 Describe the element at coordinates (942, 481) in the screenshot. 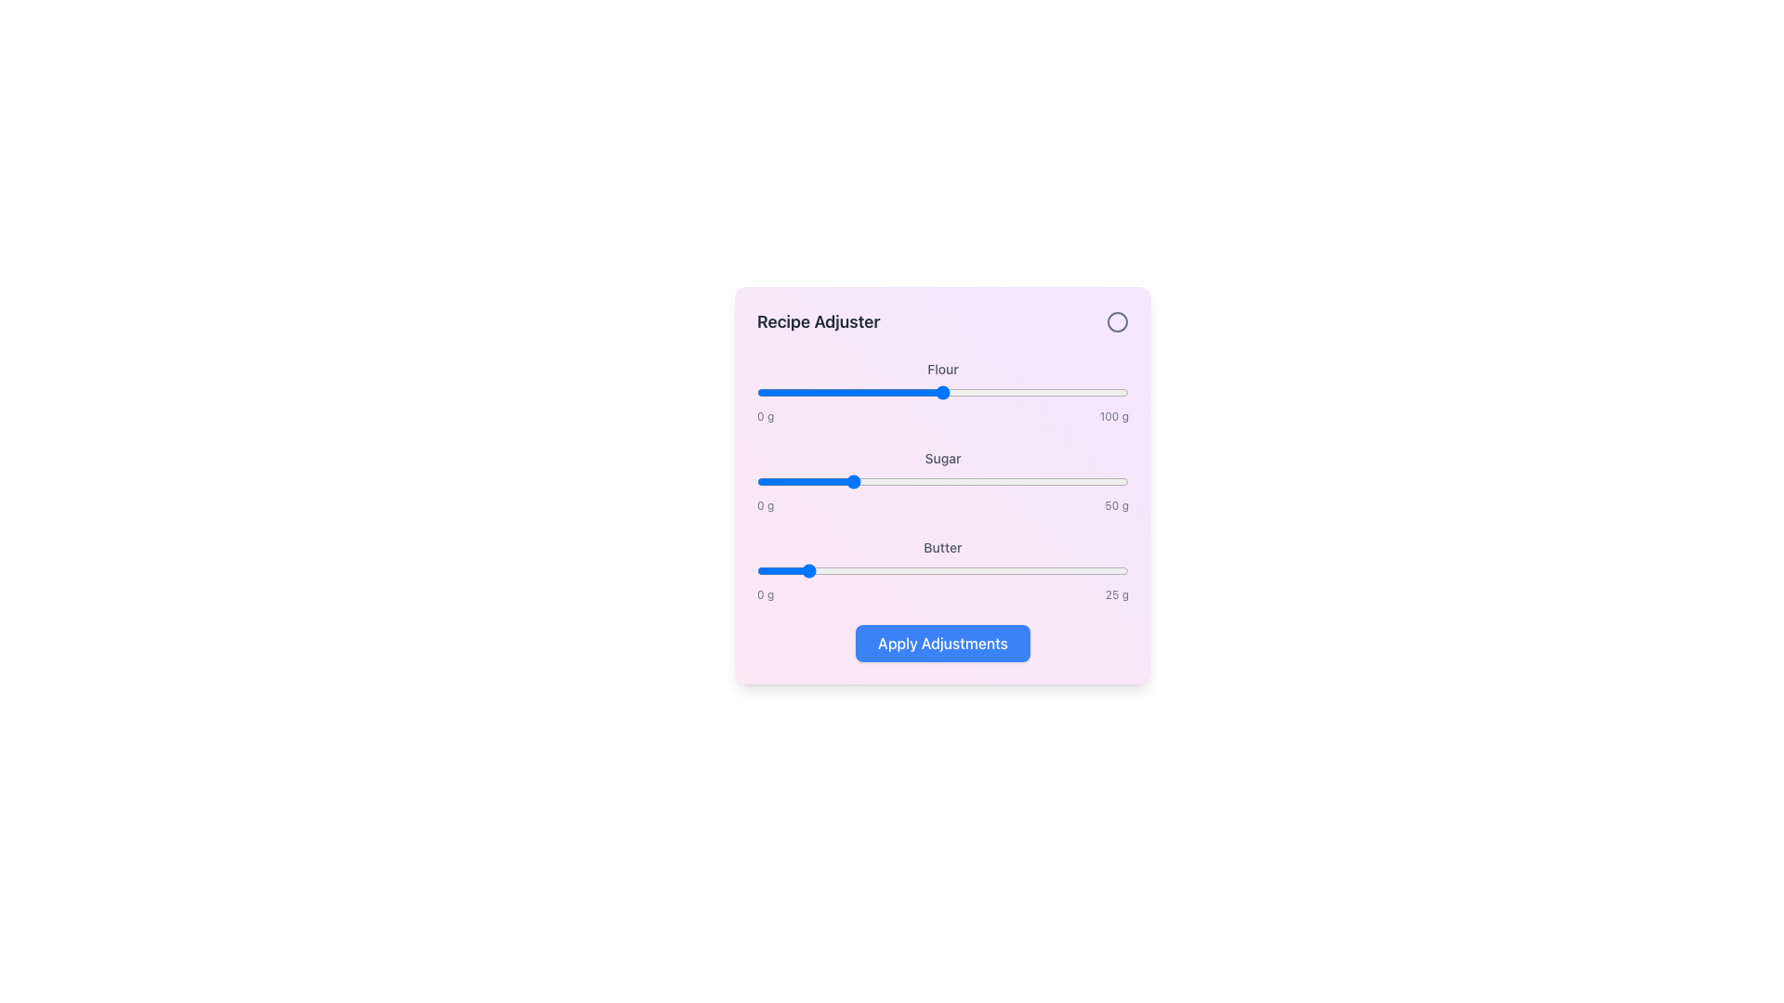

I see `the Range Slider track, which is a horizontal slider with a gradient from yellow to red, positioned centrally in the layout and closely associated with the 'Sugar' label and markers` at that location.